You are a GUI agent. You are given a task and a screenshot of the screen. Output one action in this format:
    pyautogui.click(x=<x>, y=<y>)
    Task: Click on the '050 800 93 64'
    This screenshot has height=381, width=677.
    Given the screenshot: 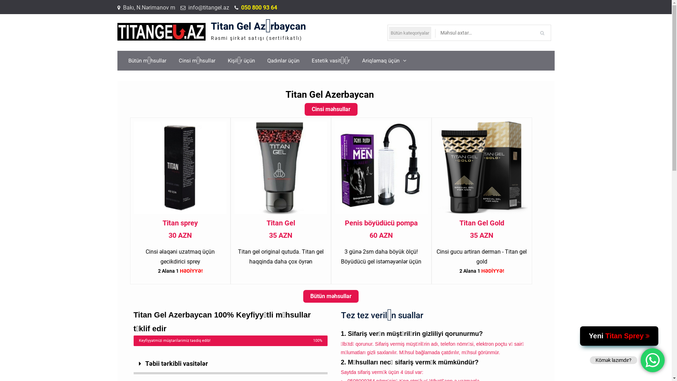 What is the action you would take?
    pyautogui.click(x=258, y=8)
    